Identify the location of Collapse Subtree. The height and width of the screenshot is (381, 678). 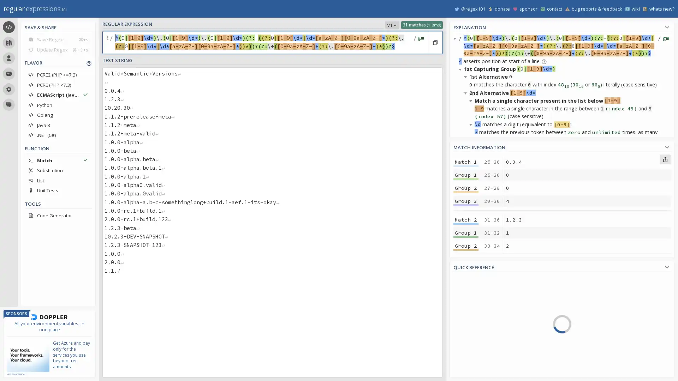
(472, 101).